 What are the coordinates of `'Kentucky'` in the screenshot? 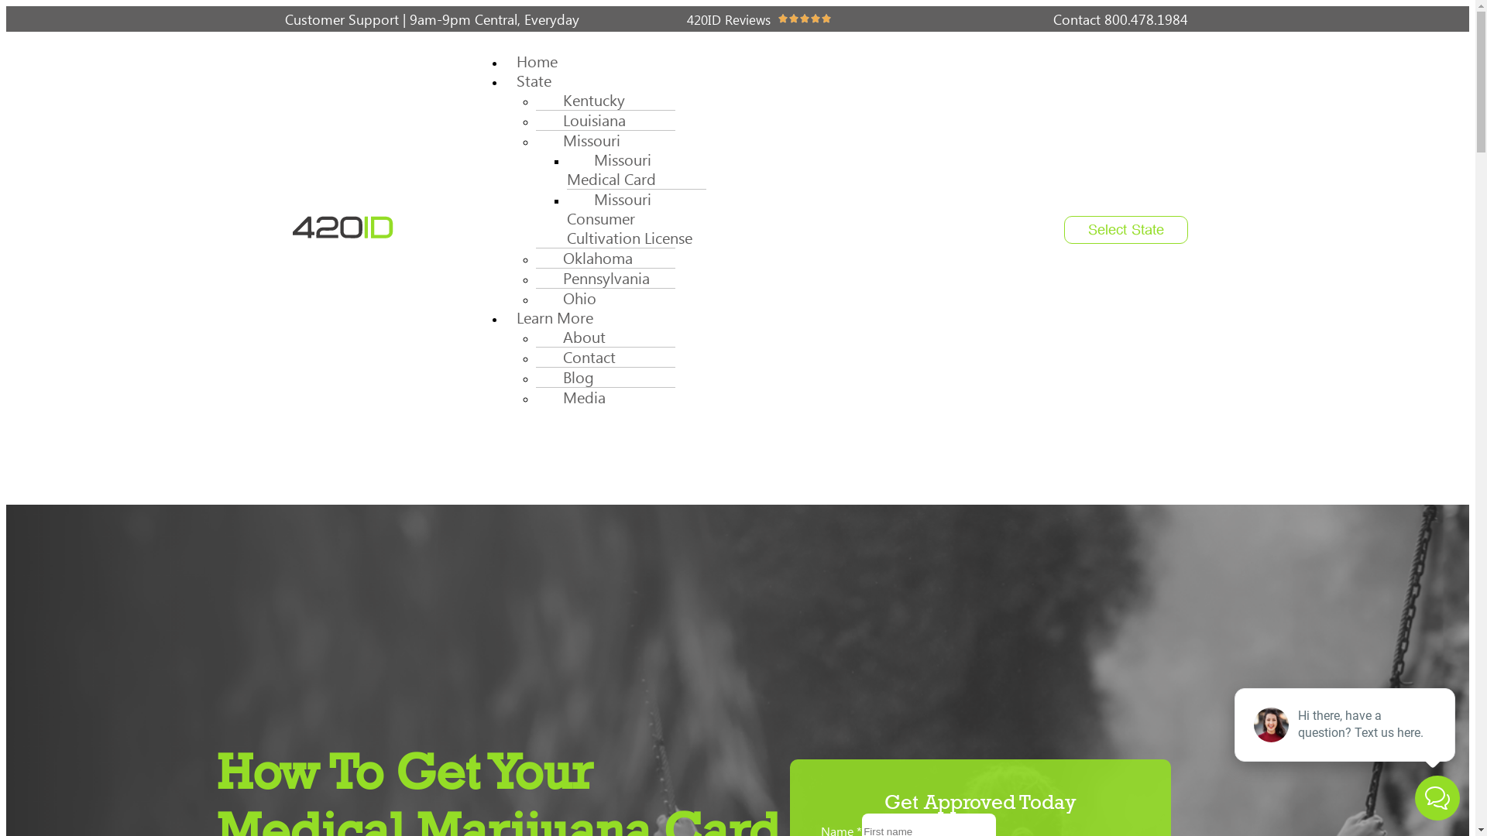 It's located at (586, 100).